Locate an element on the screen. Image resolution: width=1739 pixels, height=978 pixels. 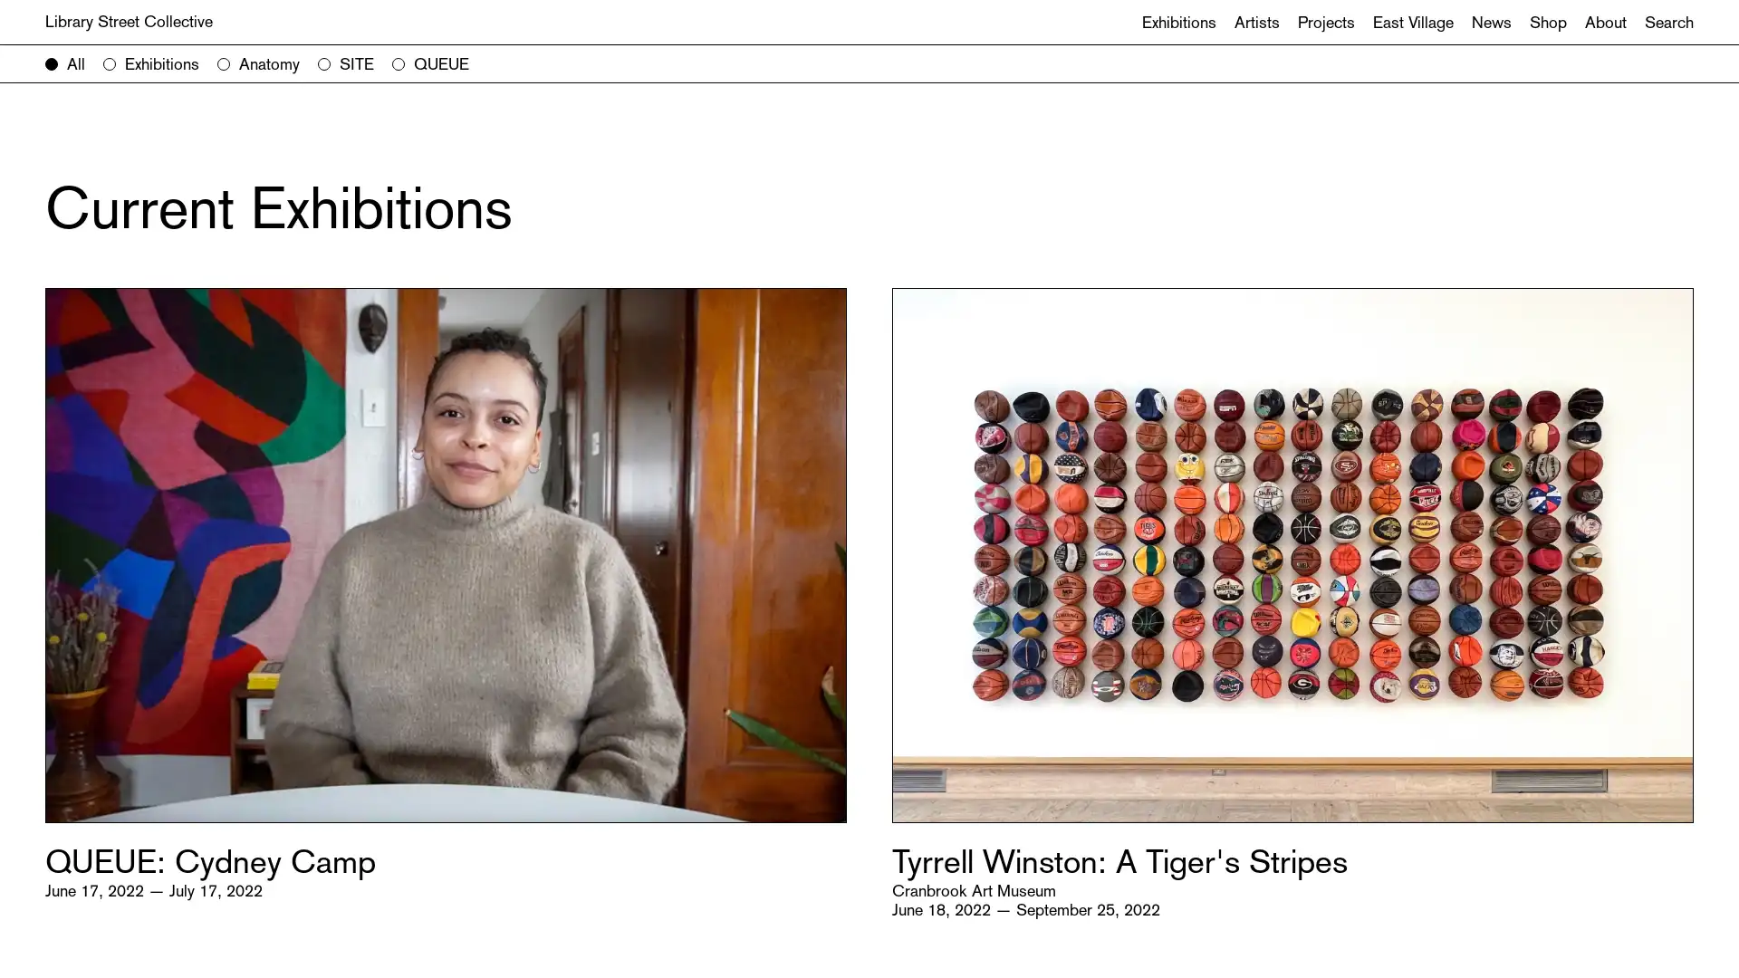
All is located at coordinates (65, 62).